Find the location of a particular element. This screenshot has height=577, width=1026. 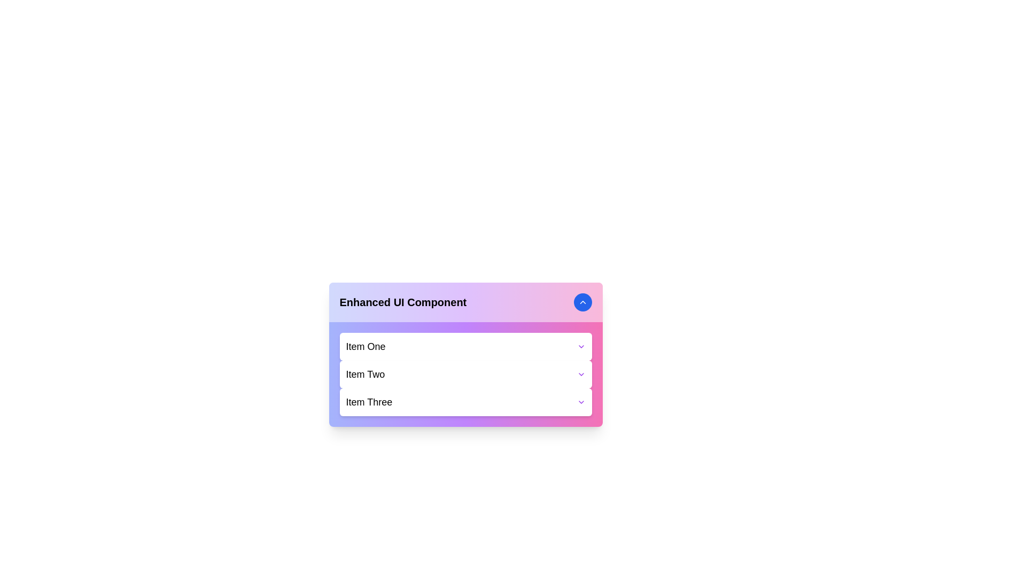

the text label that reads 'Item Two', which is styled with a large font size and medium font weight, positioned as the second item in a vertical list within a dropdown-like component is located at coordinates (365, 374).